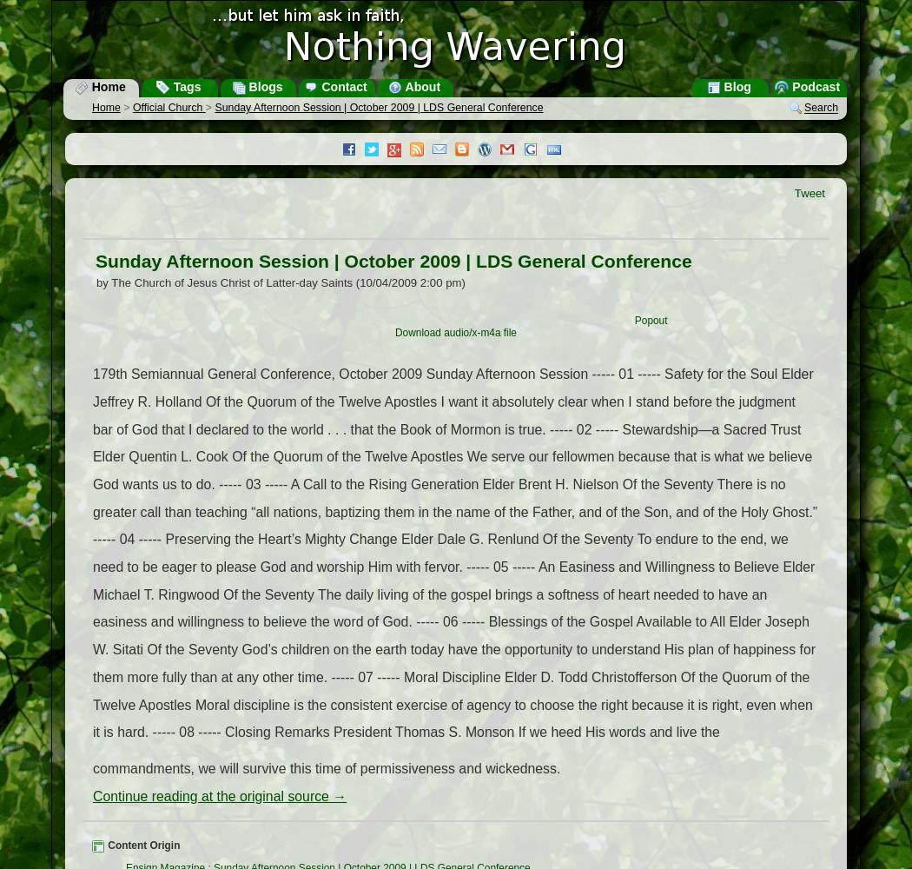 This screenshot has height=869, width=912. I want to click on 'Content Origin', so click(142, 845).